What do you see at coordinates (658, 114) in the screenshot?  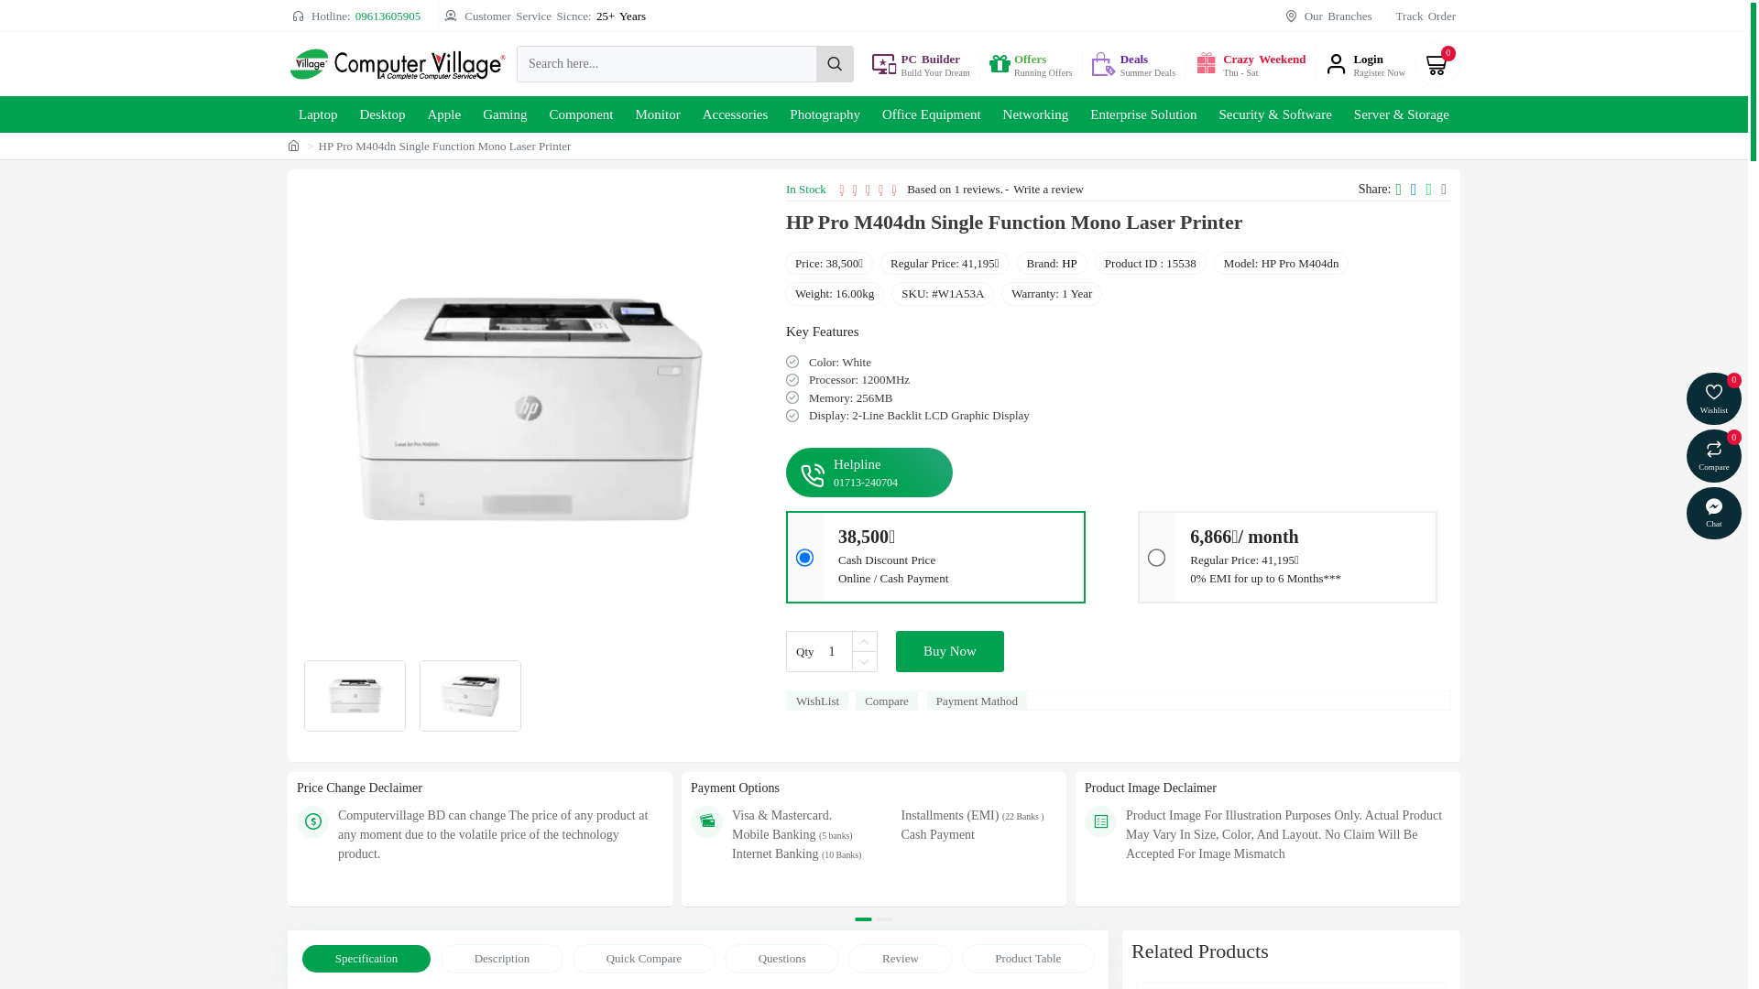 I see `'Monitor'` at bounding box center [658, 114].